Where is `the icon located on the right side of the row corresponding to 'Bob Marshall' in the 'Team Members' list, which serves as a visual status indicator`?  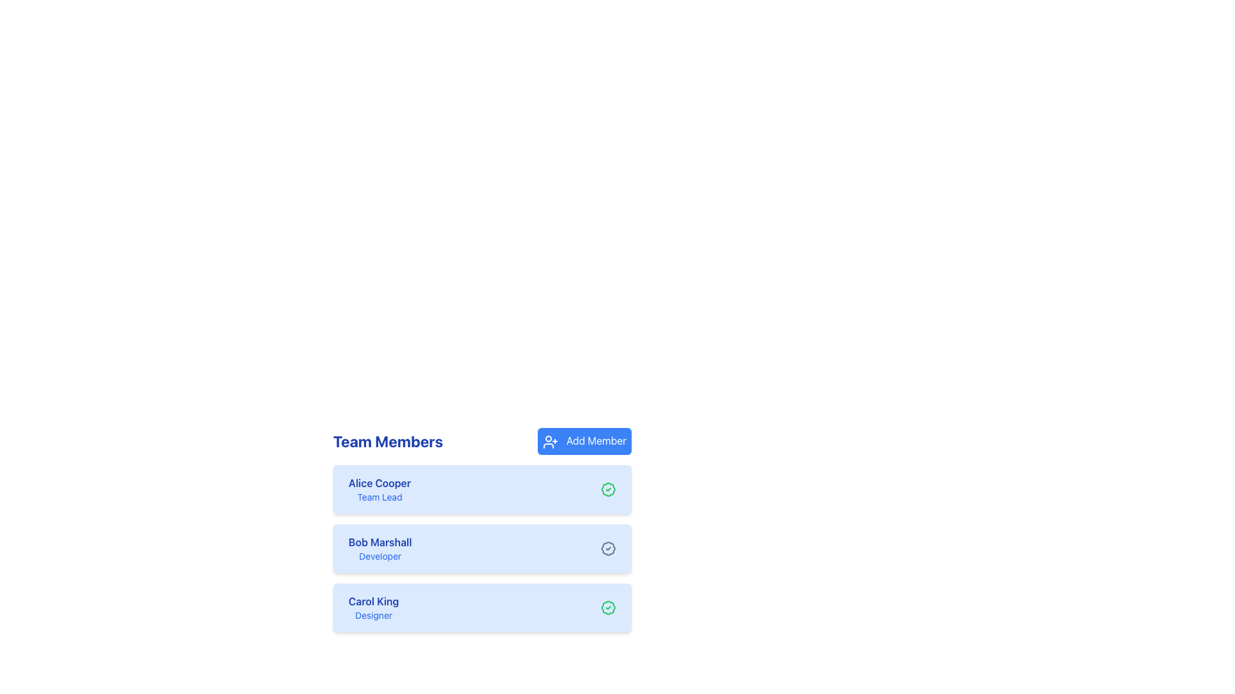
the icon located on the right side of the row corresponding to 'Bob Marshall' in the 'Team Members' list, which serves as a visual status indicator is located at coordinates (607, 548).